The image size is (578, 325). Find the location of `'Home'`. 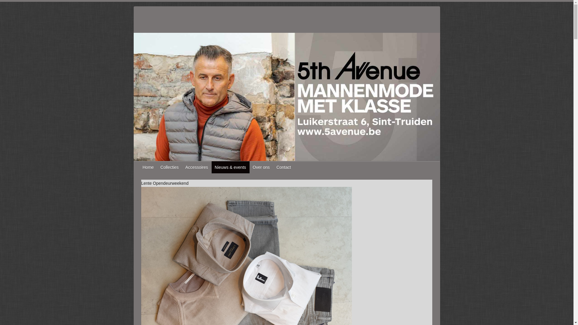

'Home' is located at coordinates (148, 167).